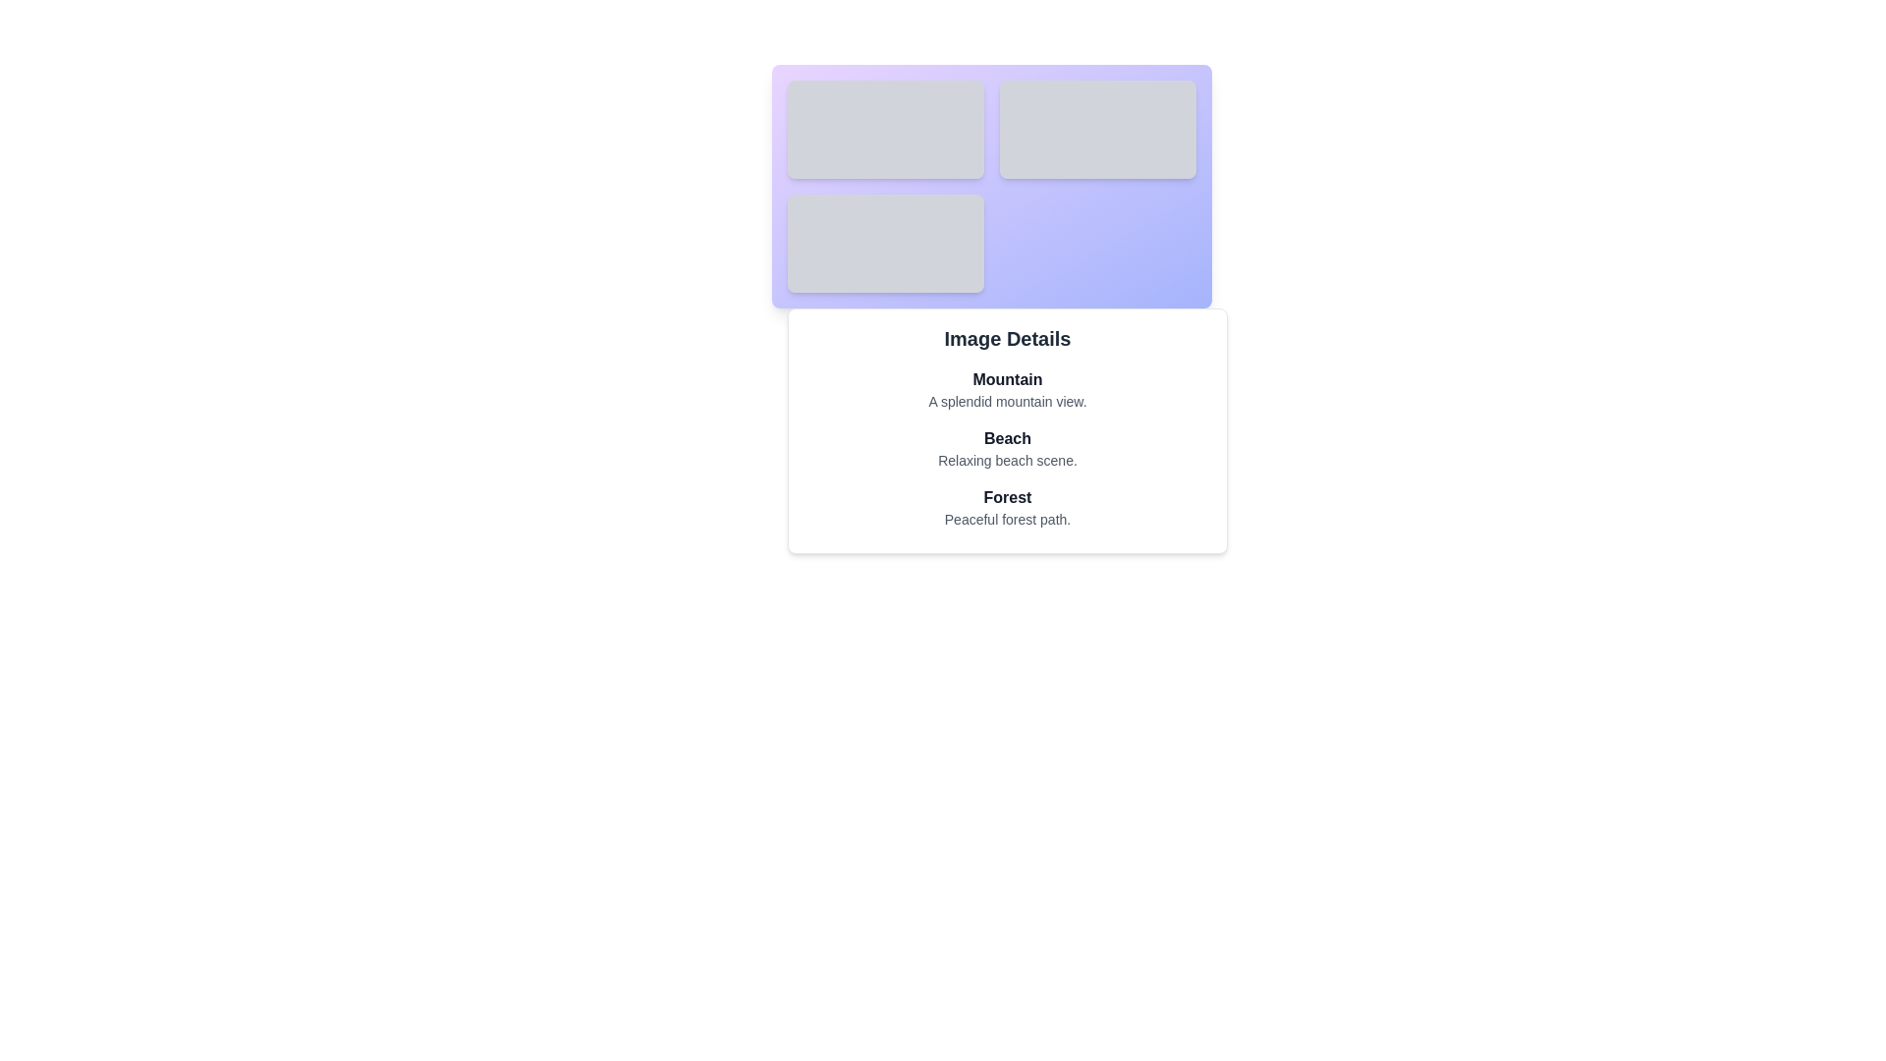 The image size is (1886, 1061). I want to click on text from the Text Block that provides a description of the 'Beach' image, which is positioned under the 'Image Details' section, between 'Mountain' and 'Forest', so click(1008, 448).